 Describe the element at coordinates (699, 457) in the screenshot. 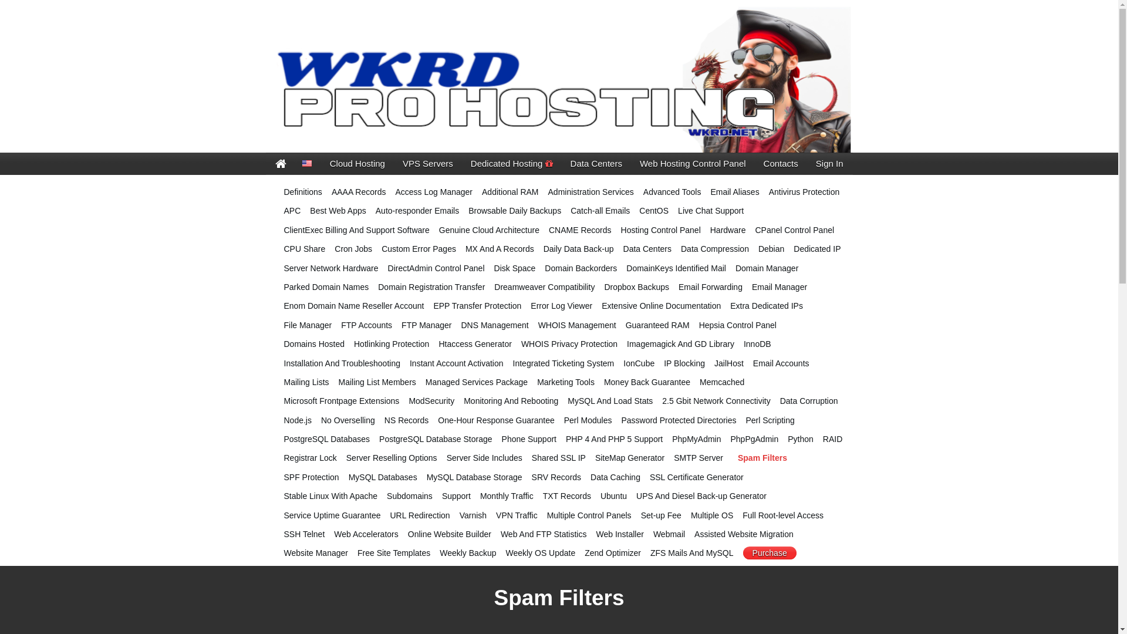

I see `'SMTP Server'` at that location.